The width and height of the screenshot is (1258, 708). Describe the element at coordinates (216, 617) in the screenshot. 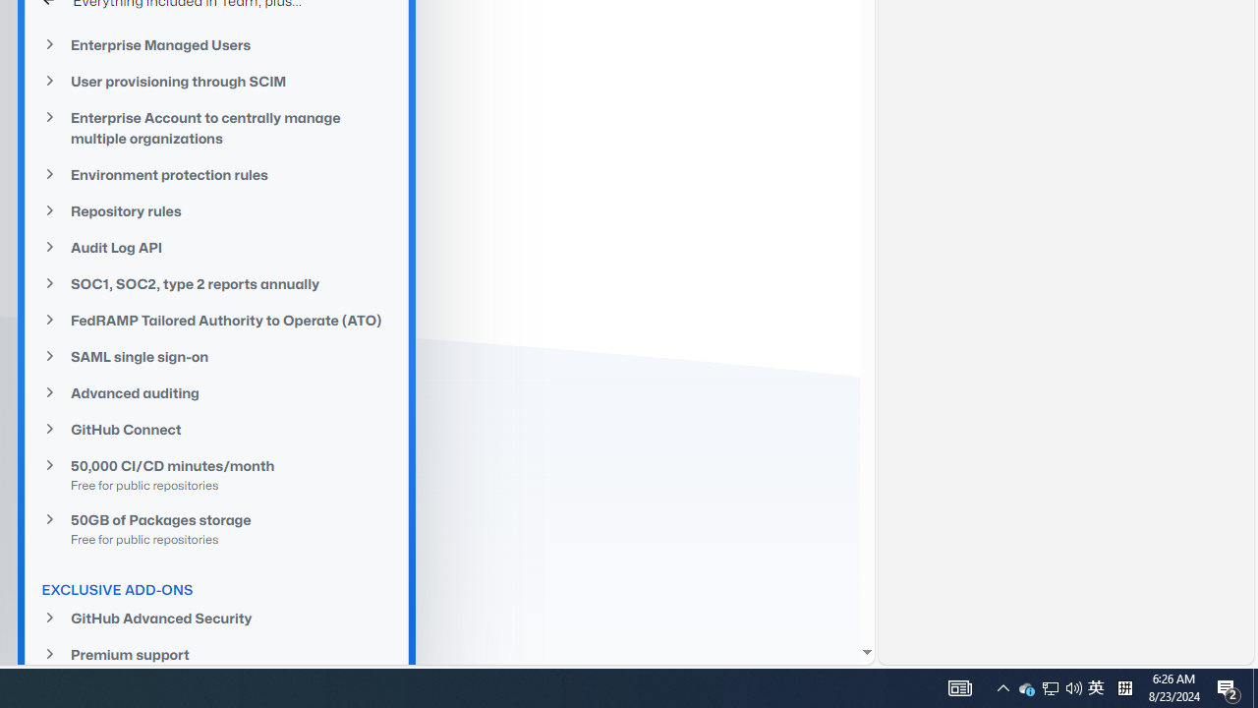

I see `'GitHub Advanced Security'` at that location.